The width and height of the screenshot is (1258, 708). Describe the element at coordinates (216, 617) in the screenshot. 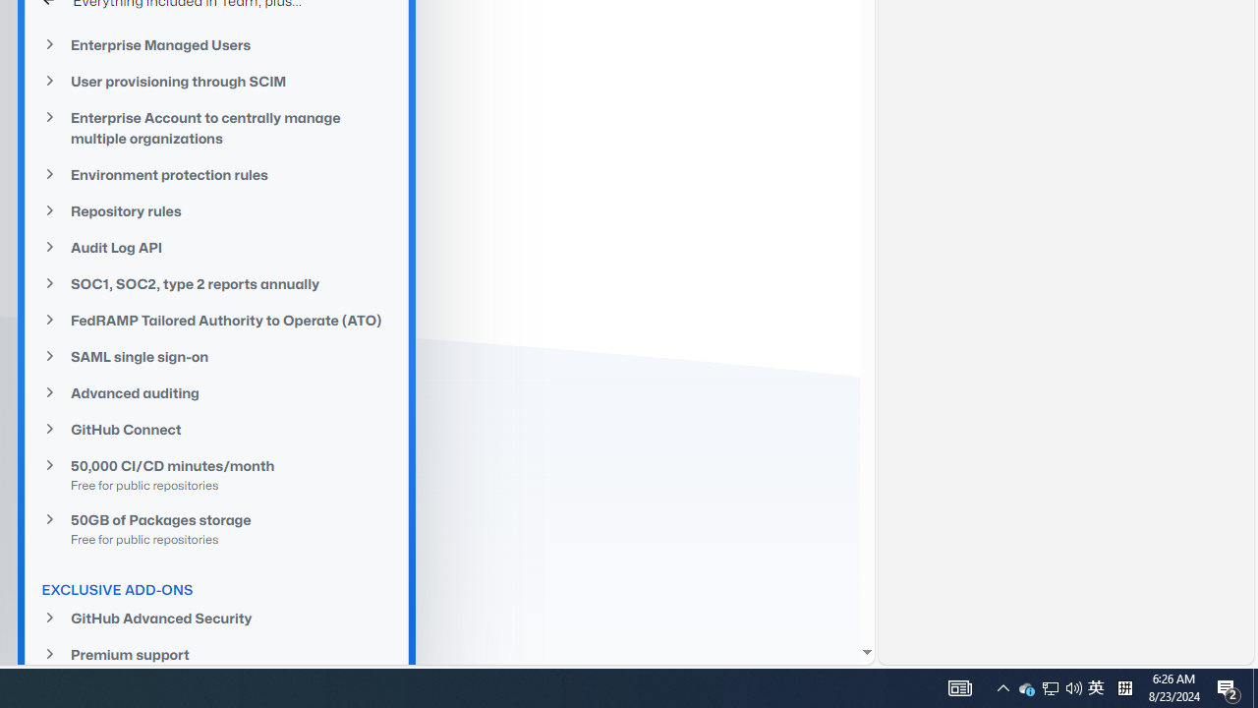

I see `'GitHub Advanced Security'` at that location.